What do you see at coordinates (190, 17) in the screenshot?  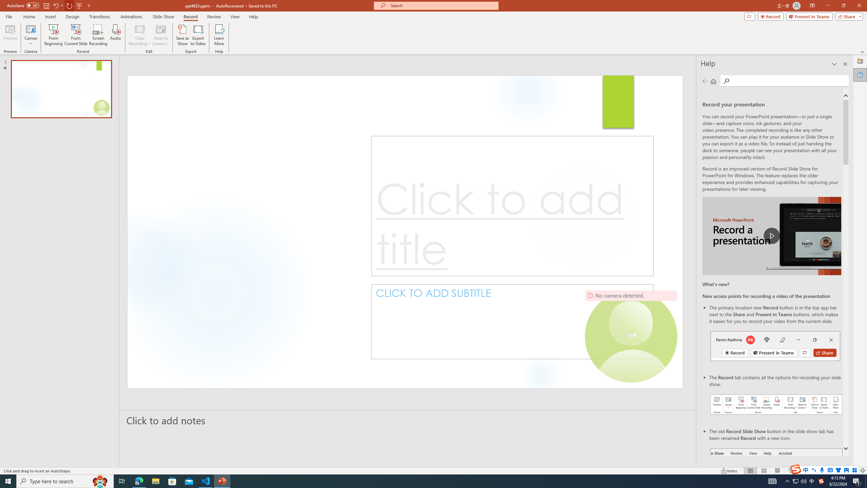 I see `'Record'` at bounding box center [190, 17].